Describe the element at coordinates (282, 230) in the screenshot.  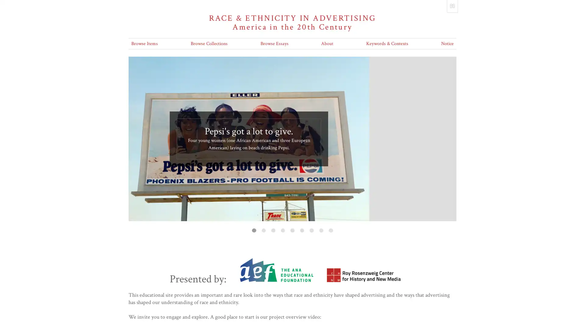
I see `4` at that location.